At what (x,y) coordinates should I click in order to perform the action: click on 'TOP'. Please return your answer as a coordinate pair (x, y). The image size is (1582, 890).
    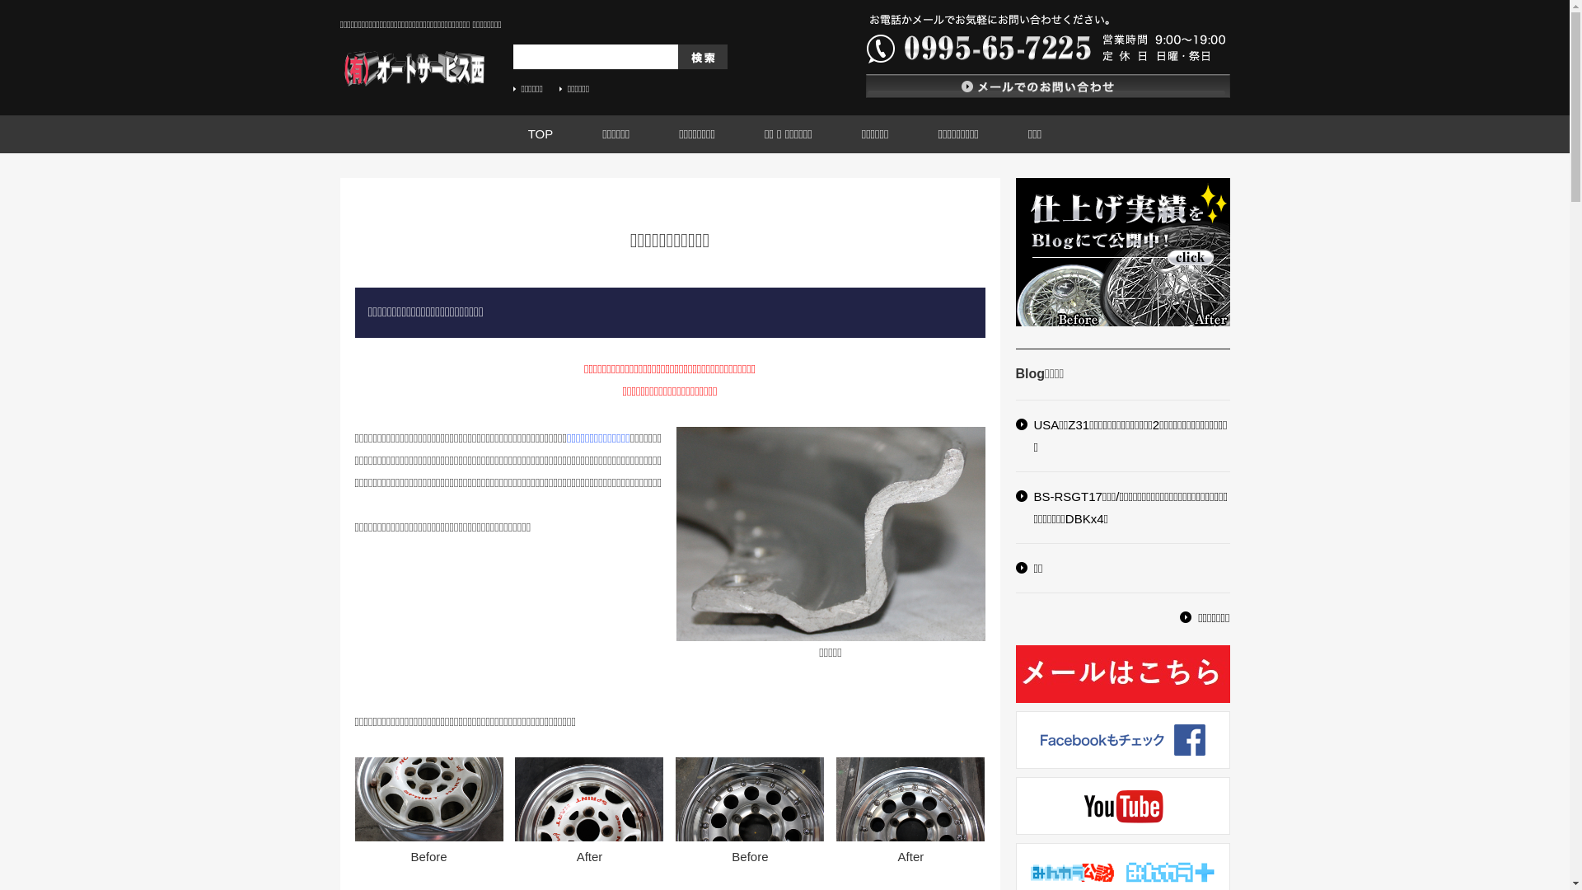
    Looking at the image, I should click on (541, 133).